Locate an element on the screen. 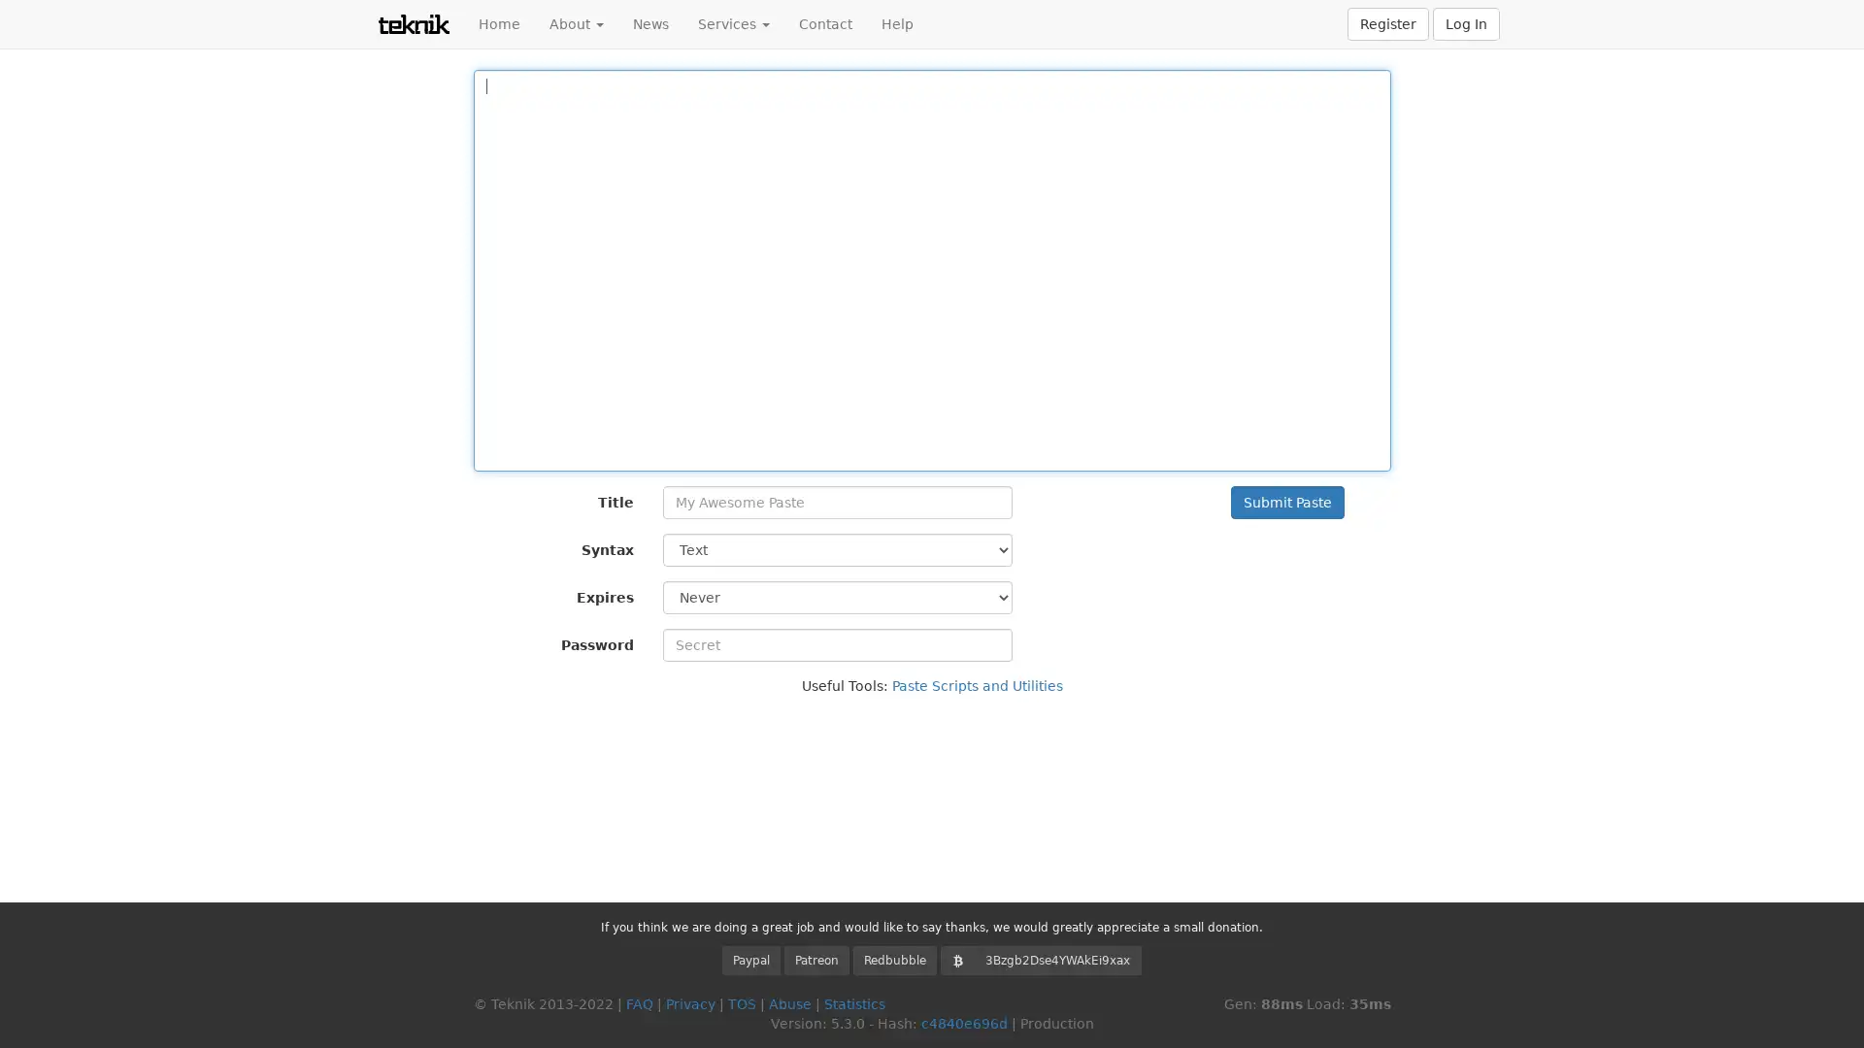  Patreon is located at coordinates (816, 961).